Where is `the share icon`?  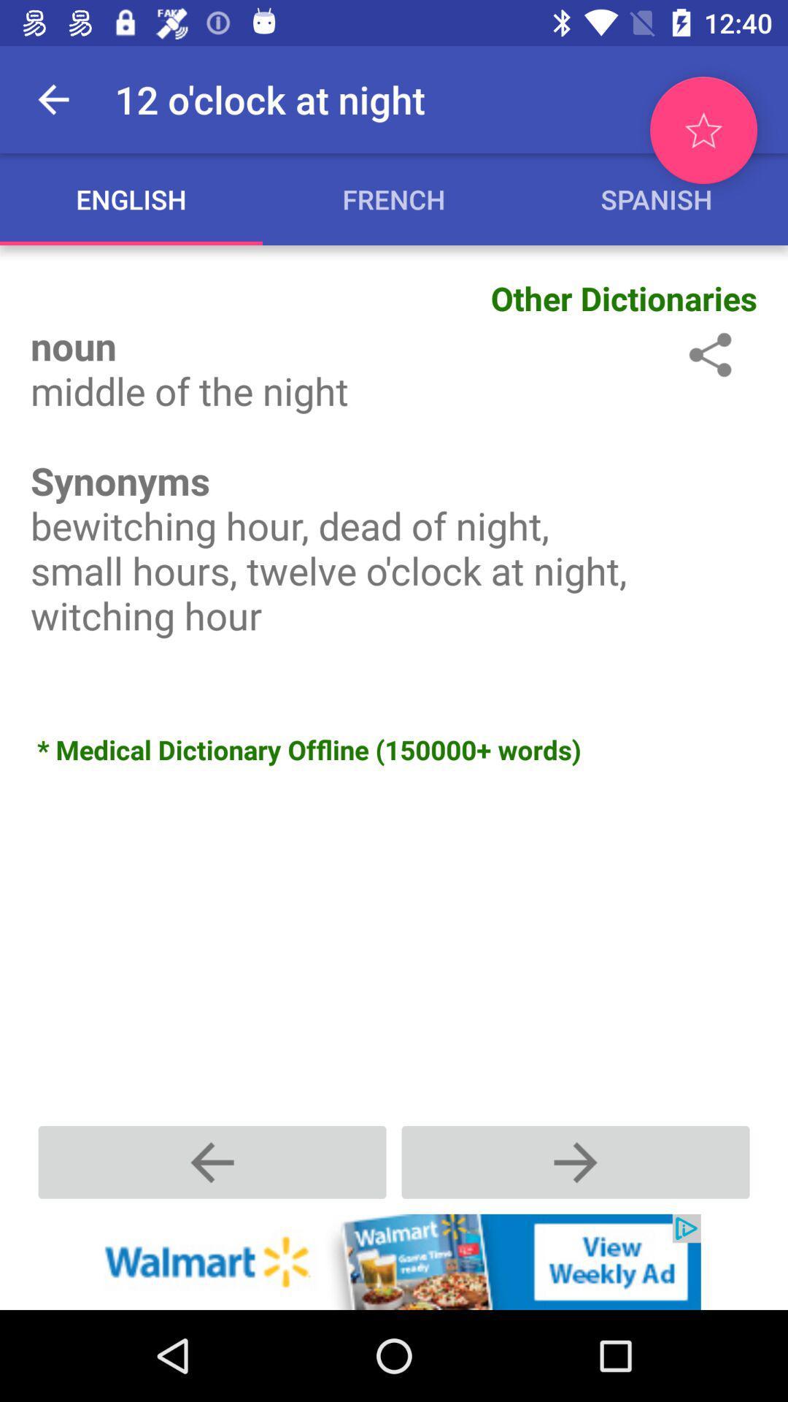
the share icon is located at coordinates (707, 354).